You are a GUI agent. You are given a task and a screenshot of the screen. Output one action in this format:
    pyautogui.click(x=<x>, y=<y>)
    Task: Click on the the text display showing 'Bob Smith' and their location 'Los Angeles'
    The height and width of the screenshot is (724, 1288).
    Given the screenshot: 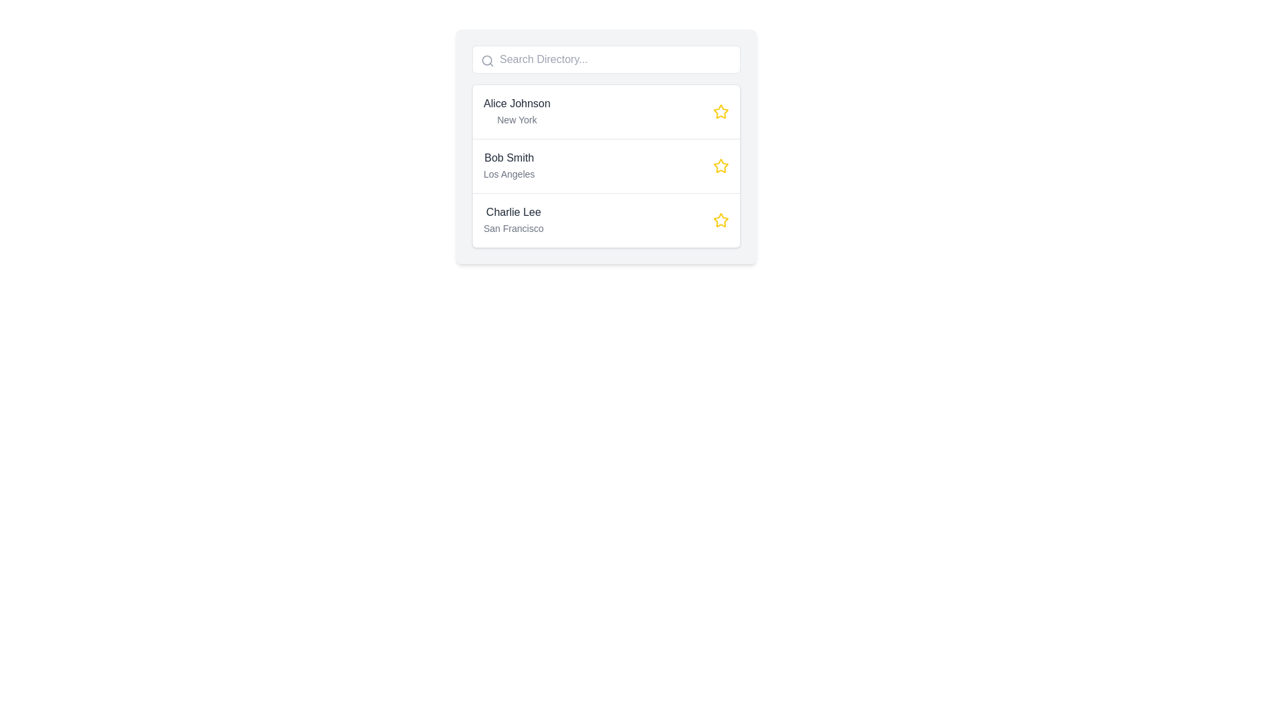 What is the action you would take?
    pyautogui.click(x=508, y=165)
    